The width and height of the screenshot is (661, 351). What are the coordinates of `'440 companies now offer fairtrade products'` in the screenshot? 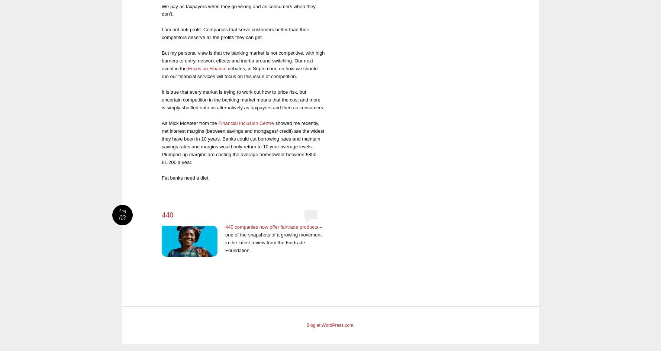 It's located at (272, 226).